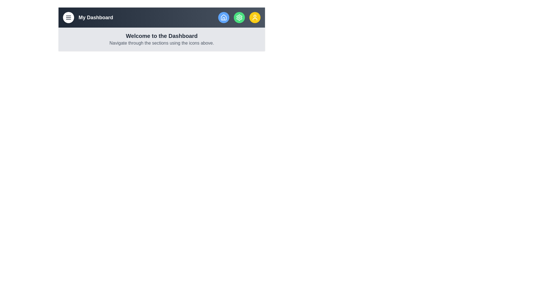 This screenshot has width=535, height=301. What do you see at coordinates (255, 17) in the screenshot?
I see `the user button to view profile information` at bounding box center [255, 17].